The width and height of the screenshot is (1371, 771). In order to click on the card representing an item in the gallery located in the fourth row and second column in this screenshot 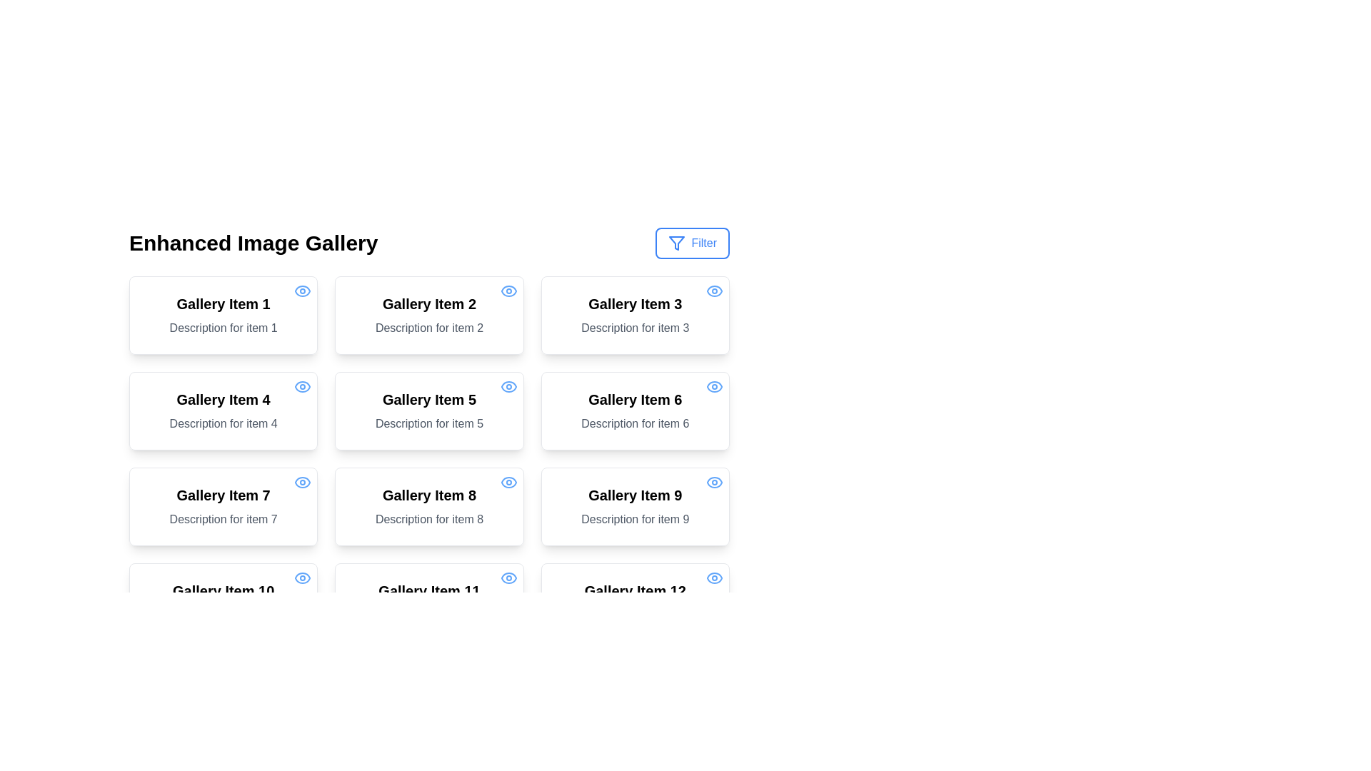, I will do `click(428, 603)`.